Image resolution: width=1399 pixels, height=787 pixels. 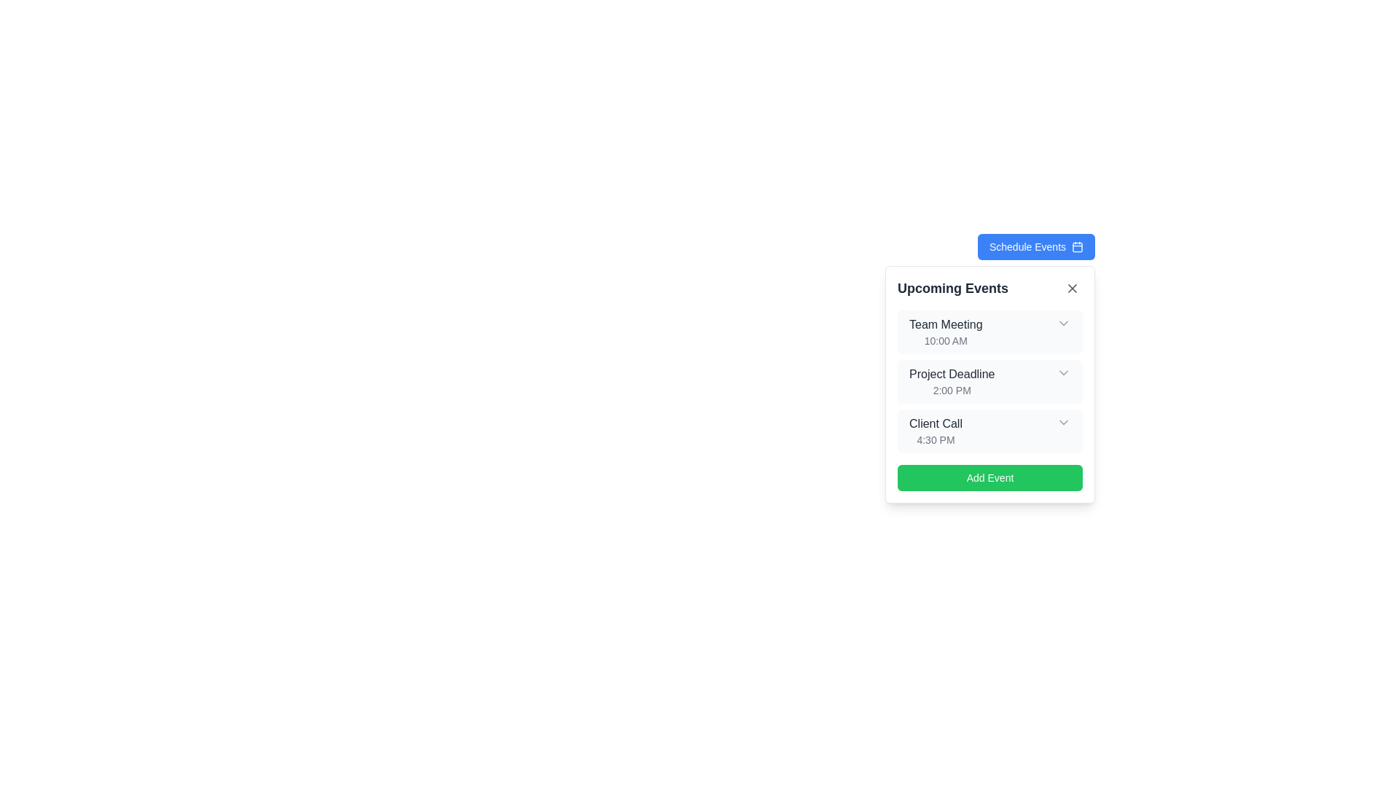 I want to click on the small Chevron-down icon, which is located to the right of the 'Client Call' item in the 'Upcoming Events' panel, so click(x=1063, y=422).